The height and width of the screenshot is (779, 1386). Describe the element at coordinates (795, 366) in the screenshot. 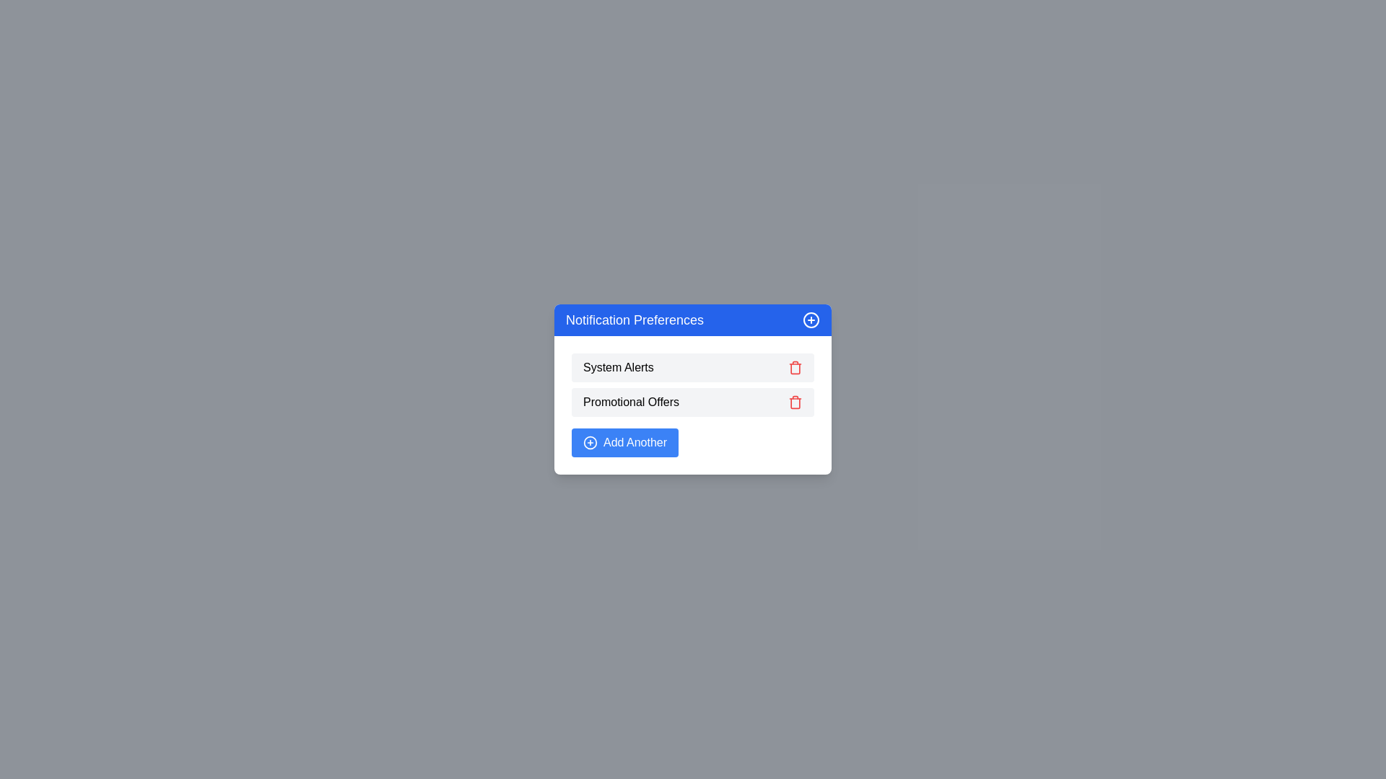

I see `the red trash can icon located to the right of the 'System Alerts' text` at that location.